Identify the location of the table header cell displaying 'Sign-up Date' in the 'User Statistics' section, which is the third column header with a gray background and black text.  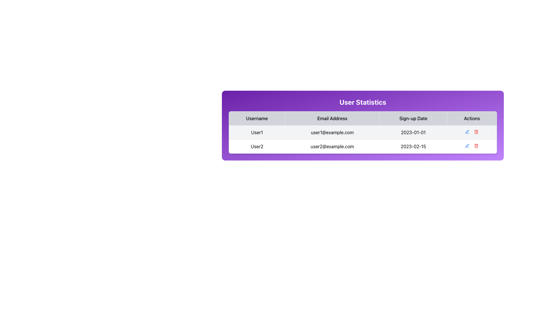
(413, 118).